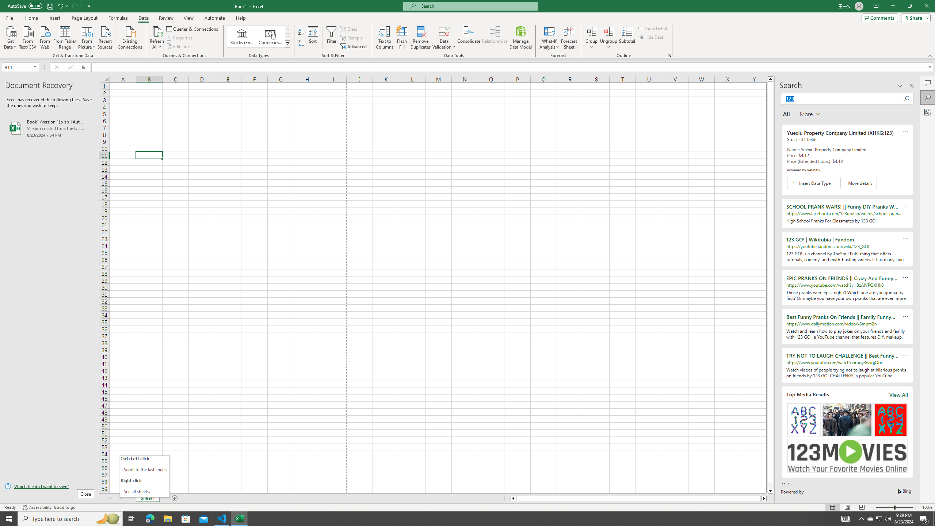 This screenshot has height=526, width=935. Describe the element at coordinates (469, 38) in the screenshot. I see `'Consolidate...'` at that location.